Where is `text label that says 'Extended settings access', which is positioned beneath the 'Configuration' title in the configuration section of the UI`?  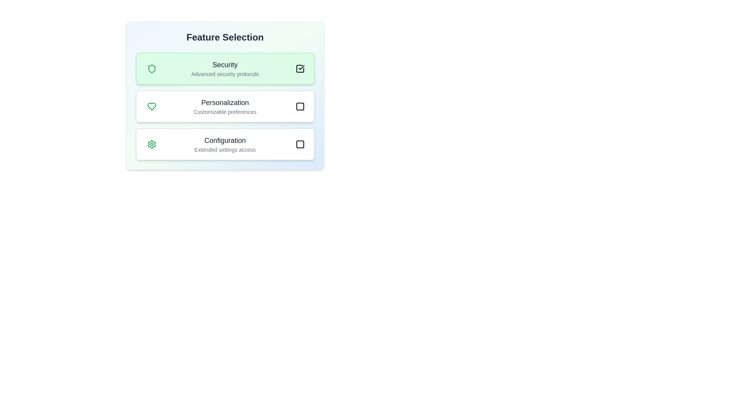
text label that says 'Extended settings access', which is positioned beneath the 'Configuration' title in the configuration section of the UI is located at coordinates (225, 150).